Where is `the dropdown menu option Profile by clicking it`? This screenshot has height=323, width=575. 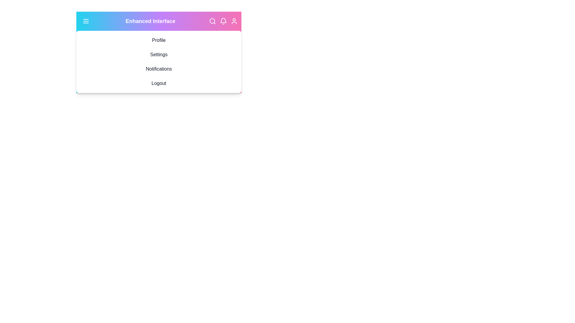 the dropdown menu option Profile by clicking it is located at coordinates (159, 40).